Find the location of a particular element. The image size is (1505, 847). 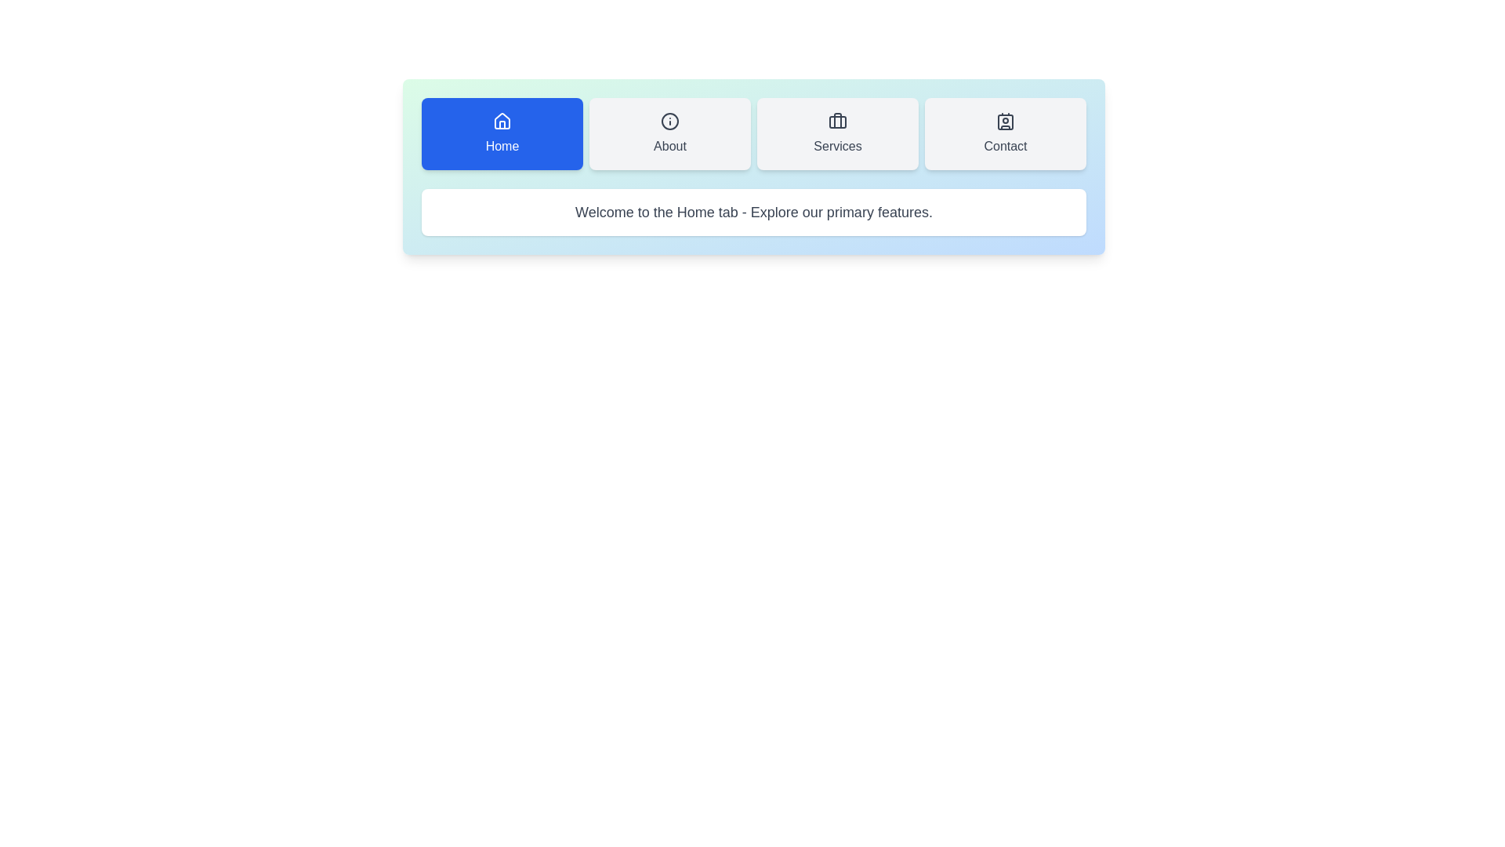

the 'Contact' button, which is a rectangular button with rounded corners featuring a contact book icon and a light gray background is located at coordinates (1005, 133).